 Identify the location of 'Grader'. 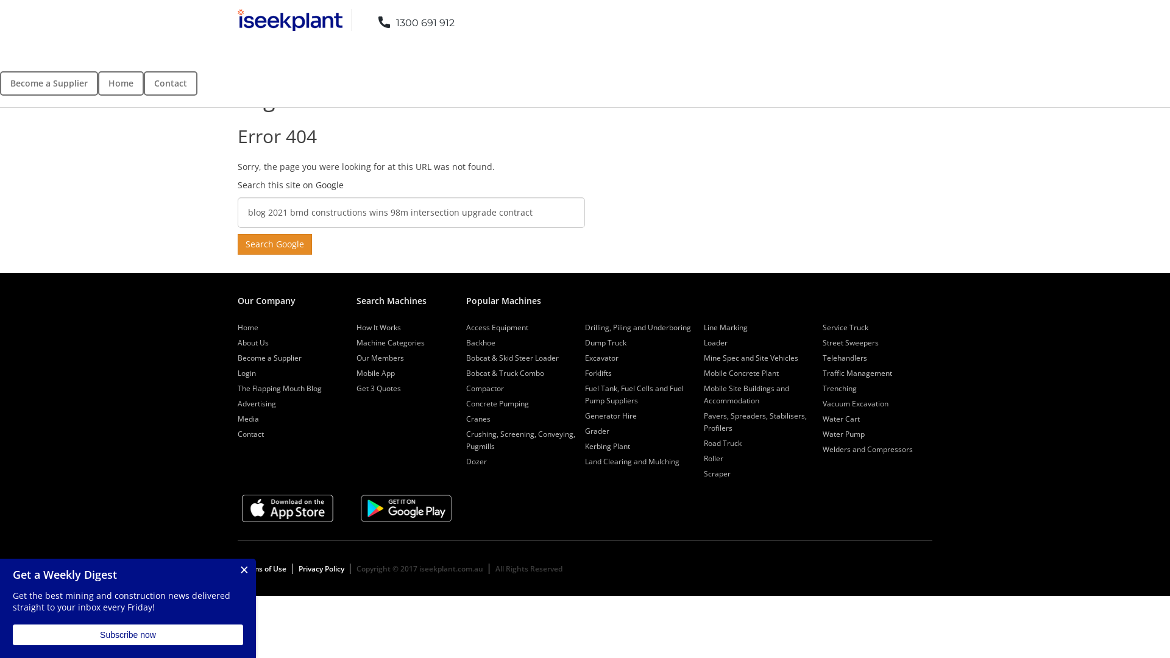
(585, 430).